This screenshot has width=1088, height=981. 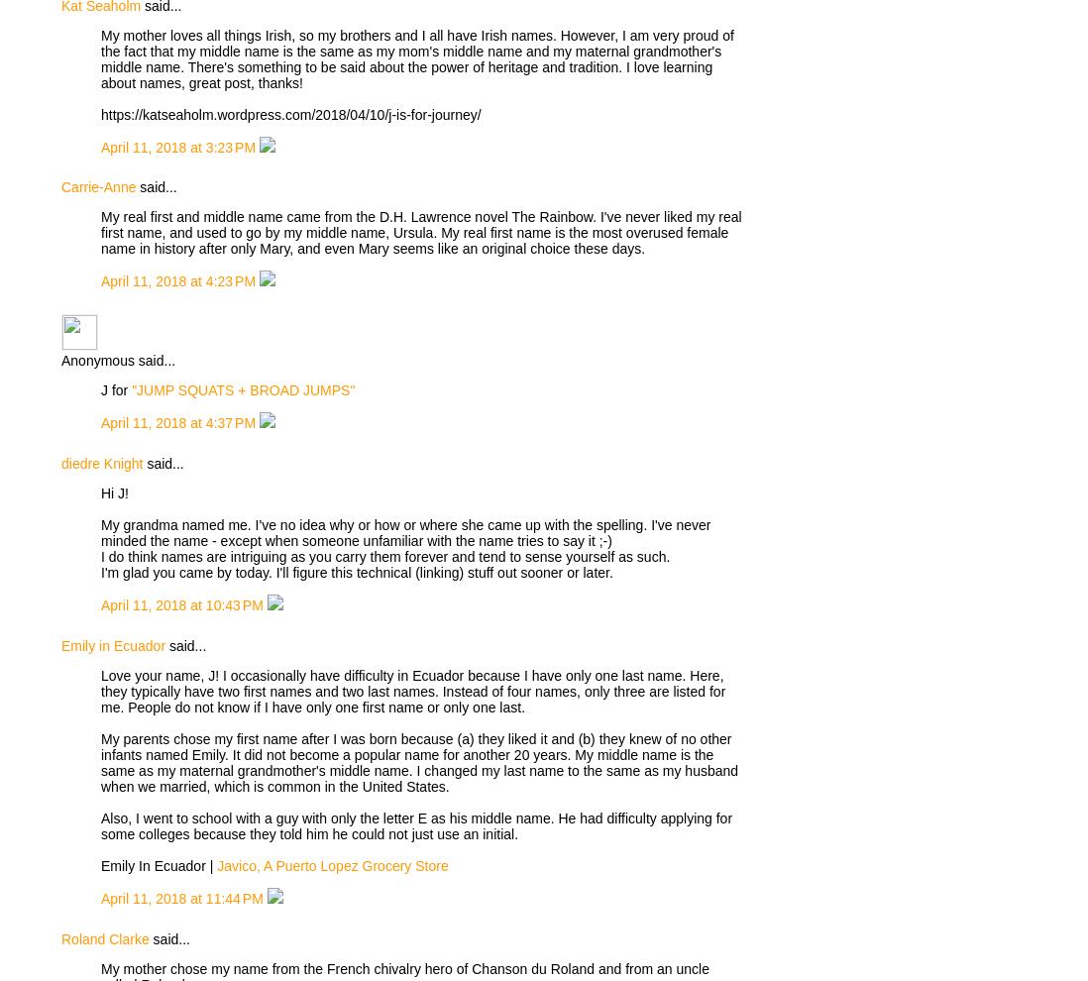 What do you see at coordinates (101, 113) in the screenshot?
I see `'https://katseaholm.wordpress.com/2018/04/10/j-is-for-journey/'` at bounding box center [101, 113].